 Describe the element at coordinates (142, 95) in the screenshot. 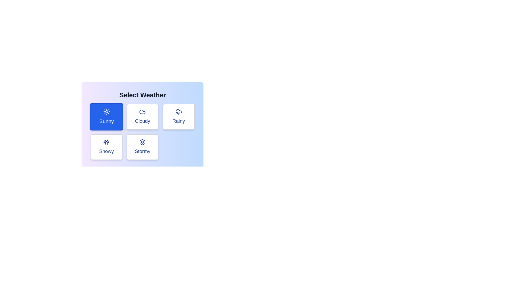

I see `the Header text that indicates the purpose of the section containing selectable weather options, which is located directly above a grid of weather options` at that location.